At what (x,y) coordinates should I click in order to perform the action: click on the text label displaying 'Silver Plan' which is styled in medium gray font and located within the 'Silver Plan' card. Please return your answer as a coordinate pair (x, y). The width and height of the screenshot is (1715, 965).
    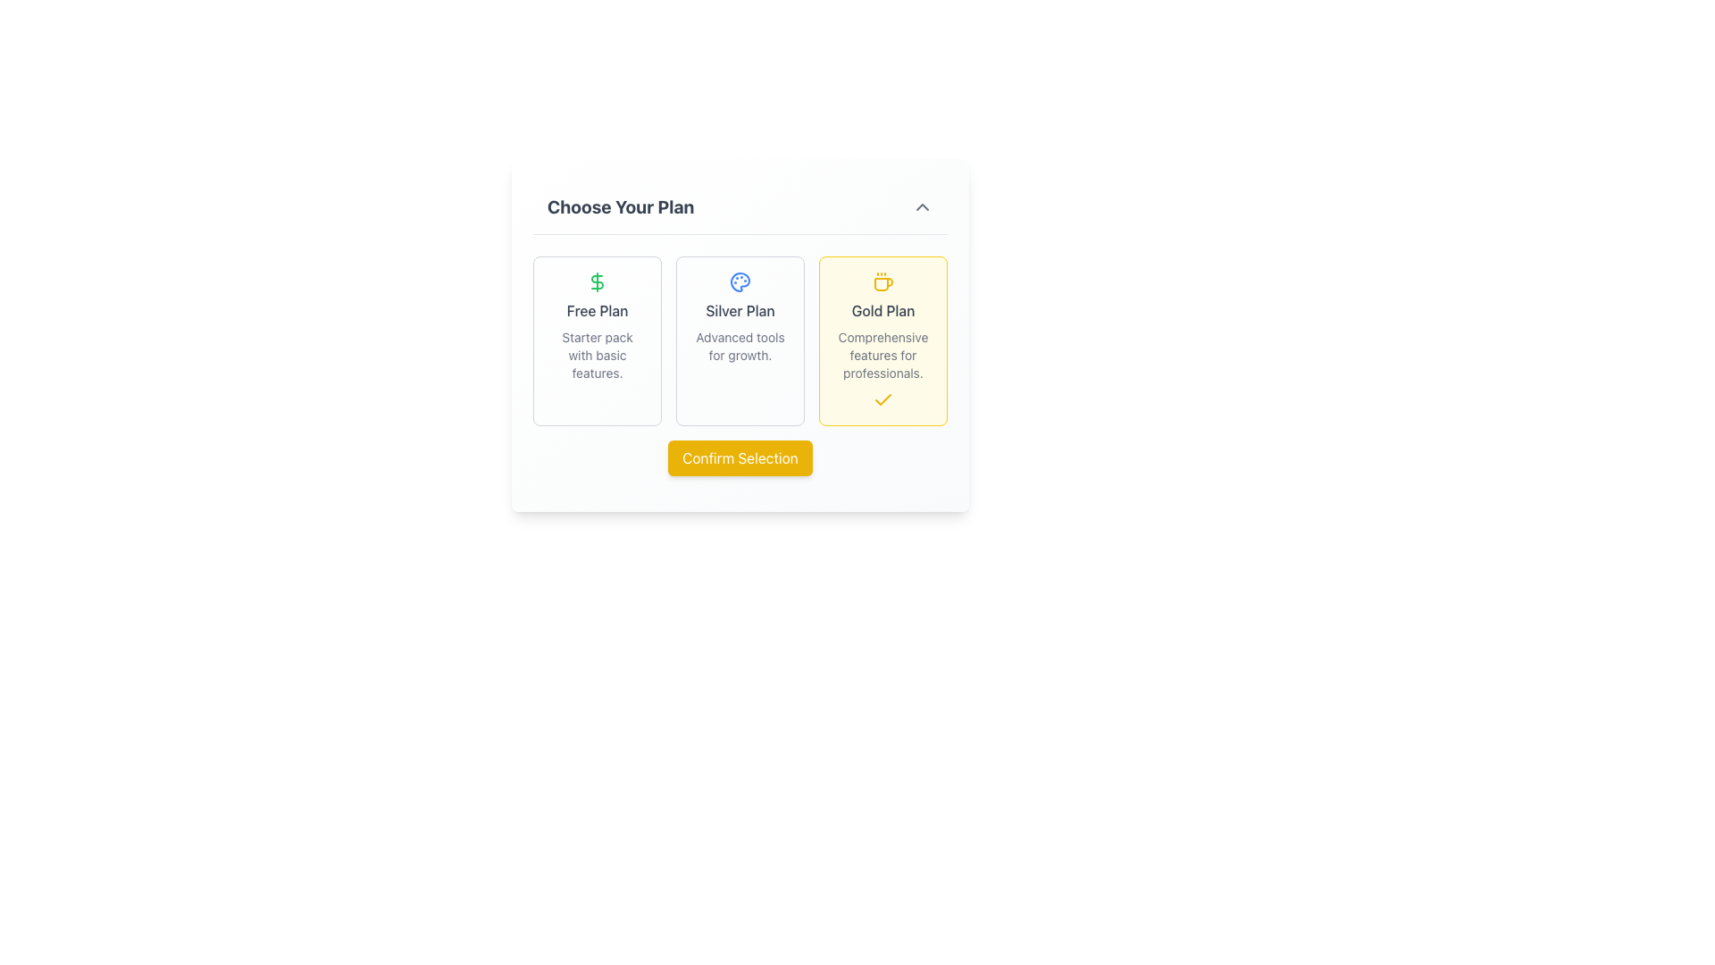
    Looking at the image, I should click on (740, 309).